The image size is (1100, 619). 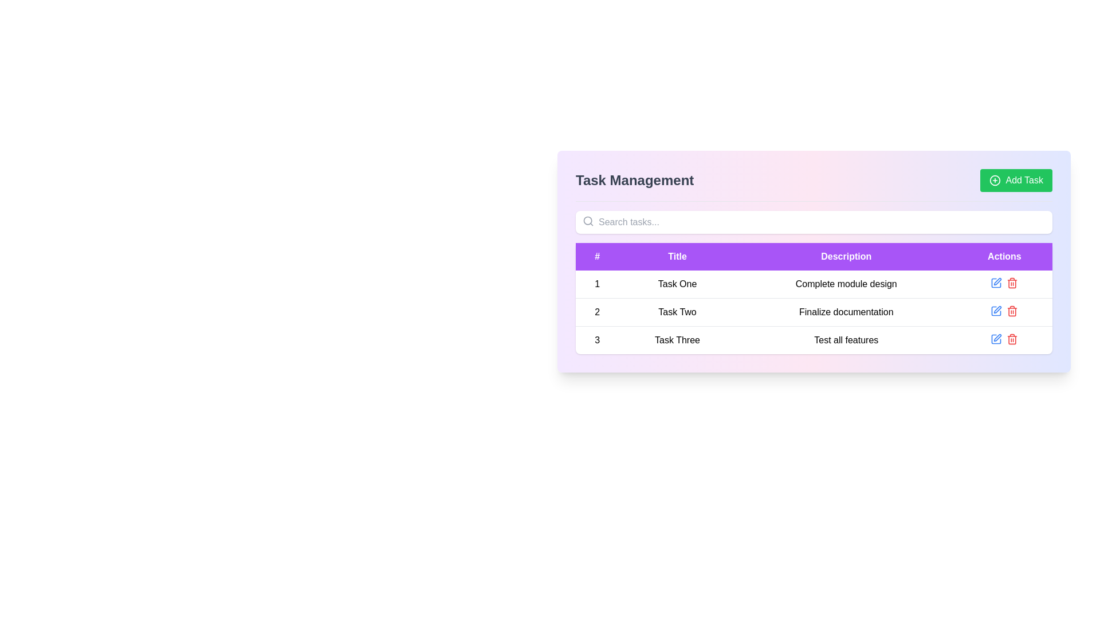 What do you see at coordinates (596, 284) in the screenshot?
I see `the text label that displays the serial number for 'Task One', located in the numerical column under '#' in the task table` at bounding box center [596, 284].